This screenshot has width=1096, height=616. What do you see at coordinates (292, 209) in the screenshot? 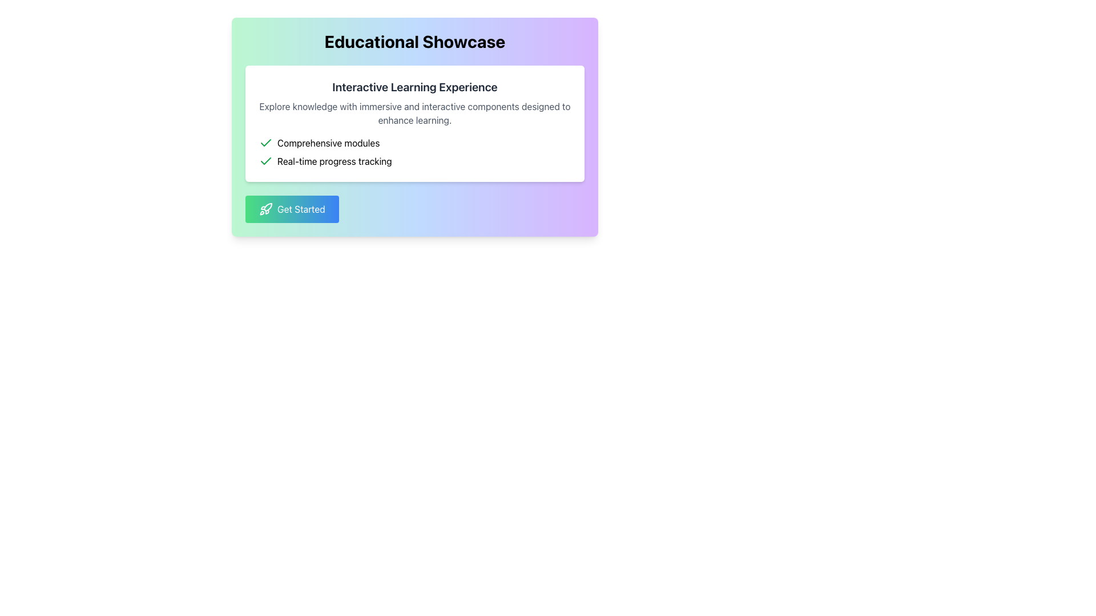
I see `the 'Get Started' button with a gradient background transitioning from green to blue for keyboard navigation` at bounding box center [292, 209].